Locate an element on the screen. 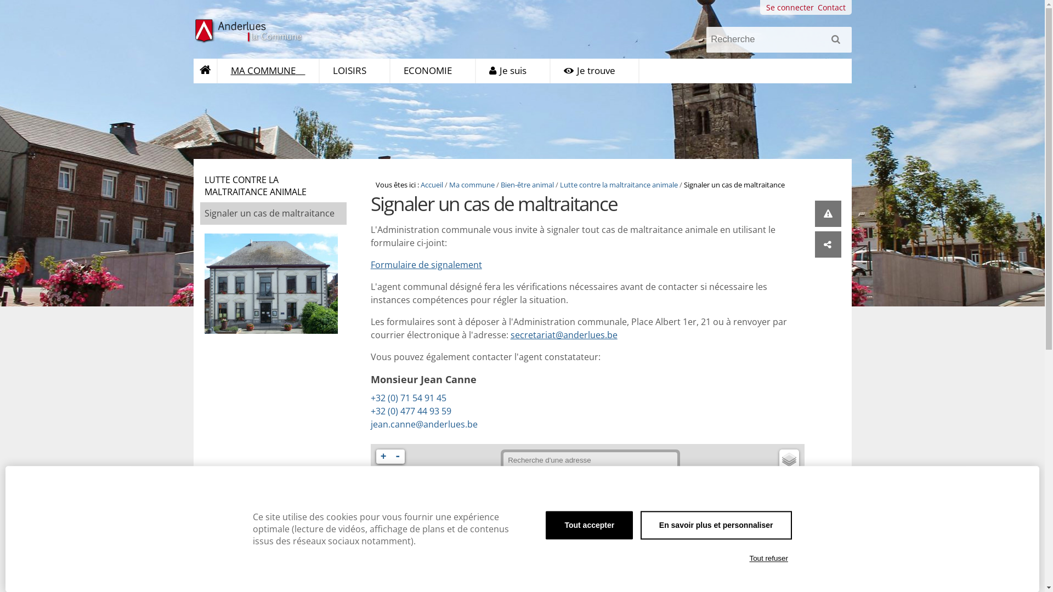 The width and height of the screenshot is (1053, 592). 'Recherche' is located at coordinates (778, 39).